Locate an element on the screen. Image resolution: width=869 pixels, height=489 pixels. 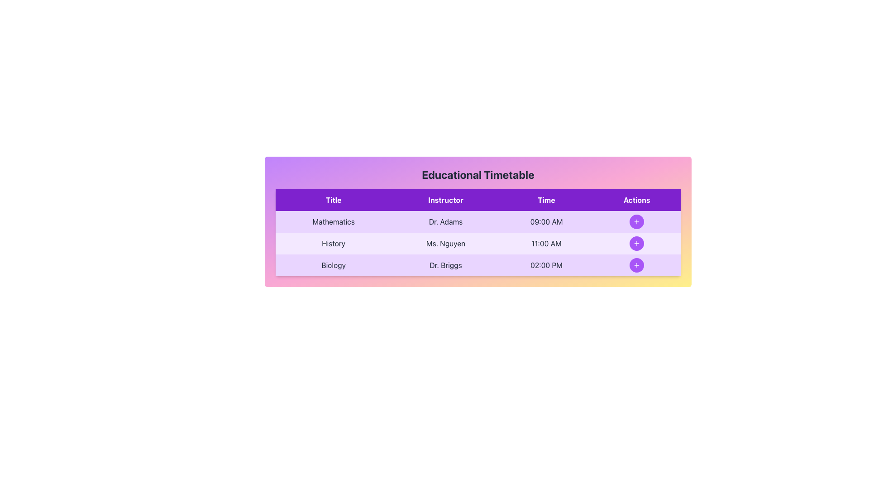
the button located in the fourth column of the first row in the 'Educational Timetable' table under the 'Actions' header for the 'Mathematics' subject is located at coordinates (636, 221).